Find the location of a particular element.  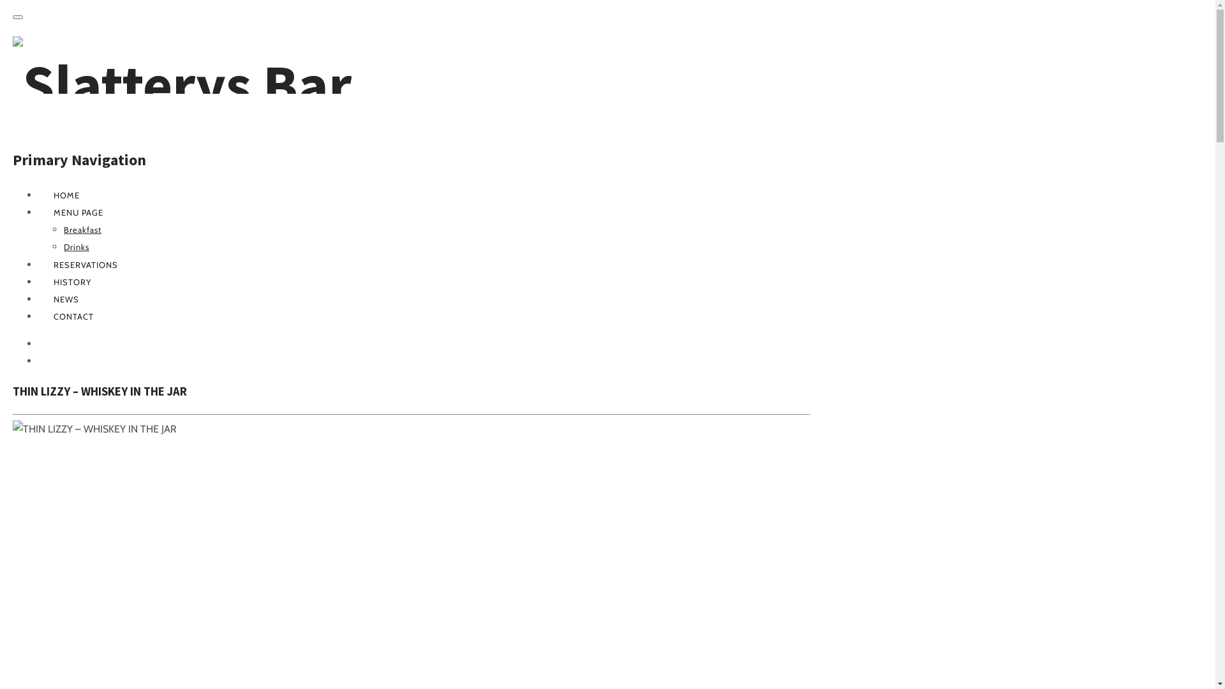

'MENU PAGE' is located at coordinates (78, 211).